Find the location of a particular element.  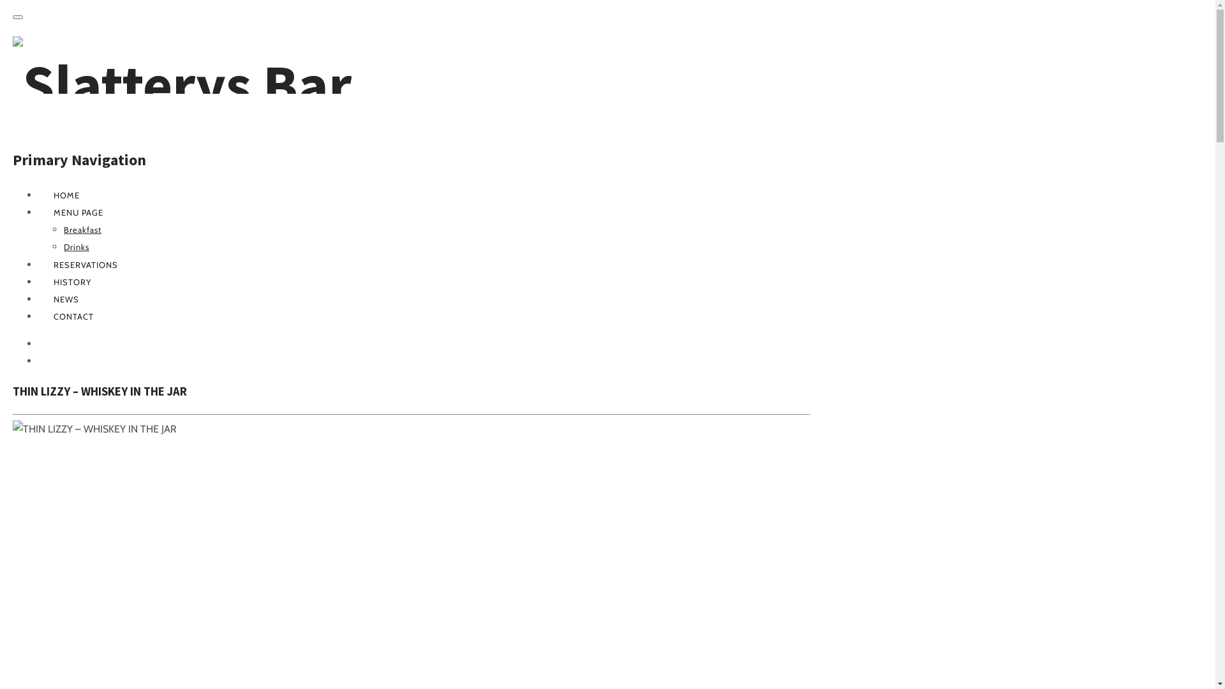

'MENU PAGE' is located at coordinates (78, 211).